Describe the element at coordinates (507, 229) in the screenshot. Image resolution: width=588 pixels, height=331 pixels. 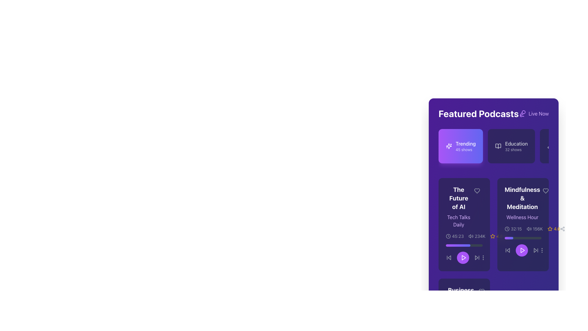
I see `the clock icon located to the left of the textual component '32:15', which is styled with a circular boundary and internal clock hands` at that location.